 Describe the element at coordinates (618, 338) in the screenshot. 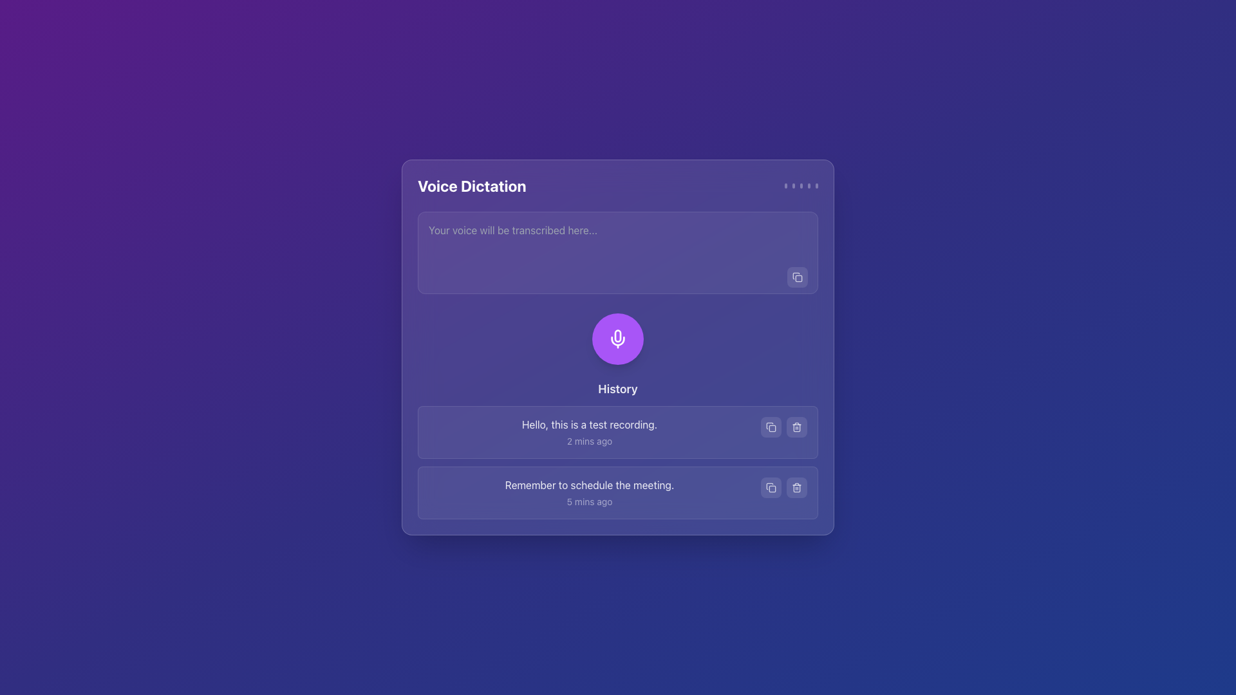

I see `the vibrant purple circular button with a microphone icon, located at the center of the card section` at that location.